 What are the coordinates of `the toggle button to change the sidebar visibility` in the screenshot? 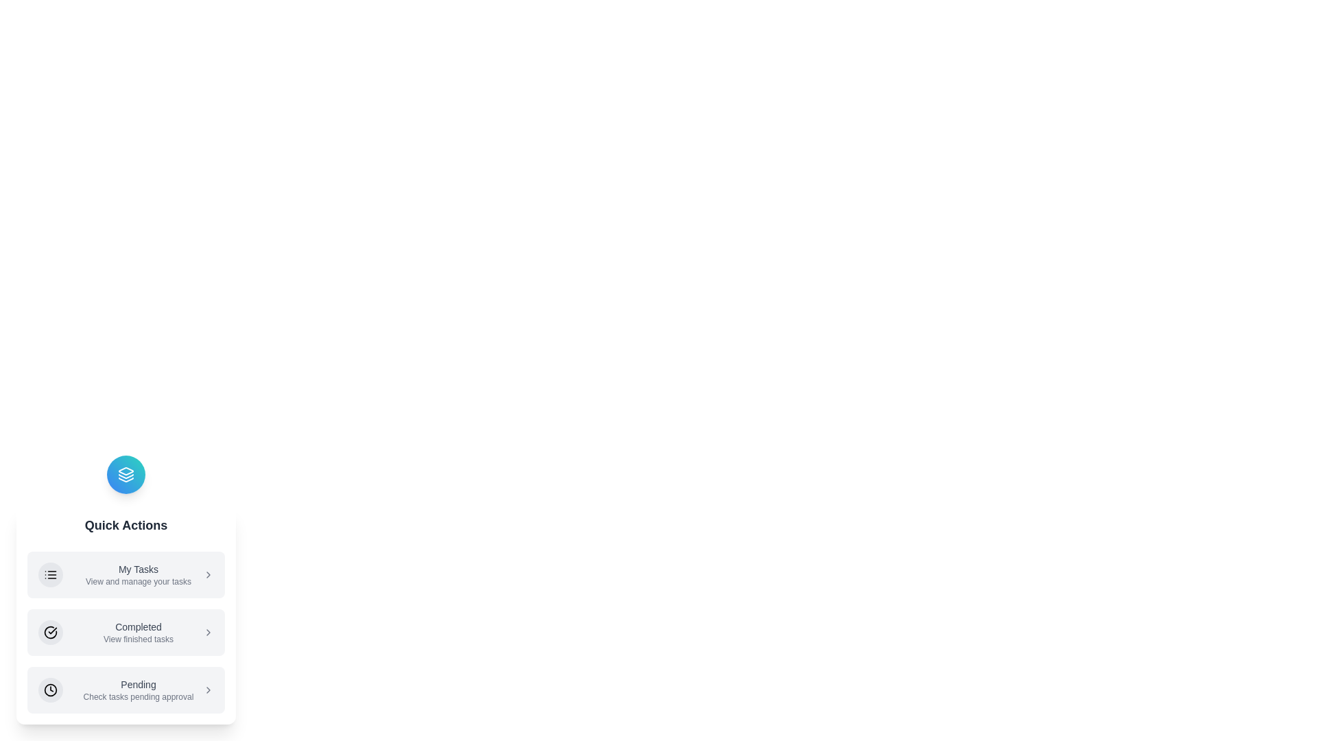 It's located at (126, 473).